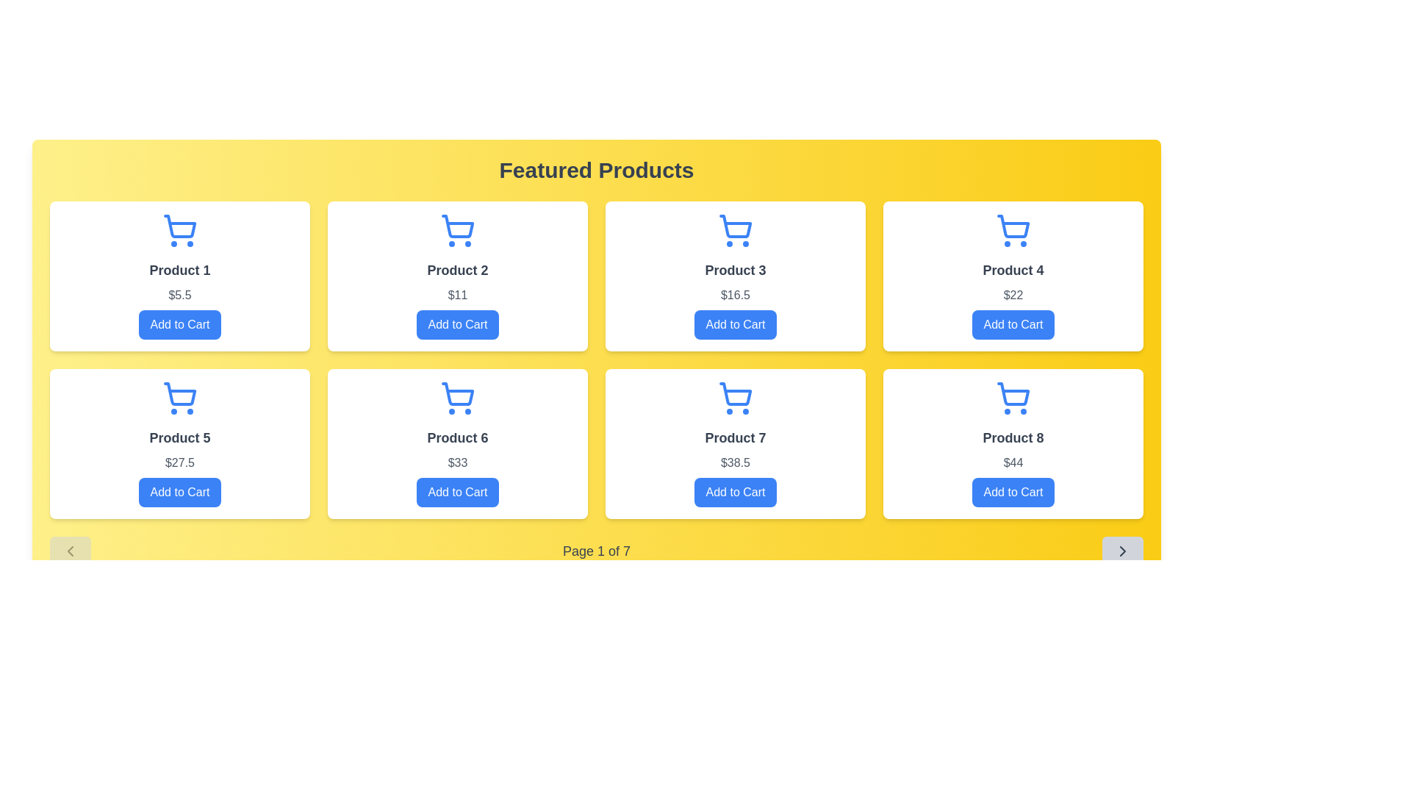  Describe the element at coordinates (596, 551) in the screenshot. I see `the text display for pagination info located at the bottom of the product section, which shows the current page number and total pages` at that location.